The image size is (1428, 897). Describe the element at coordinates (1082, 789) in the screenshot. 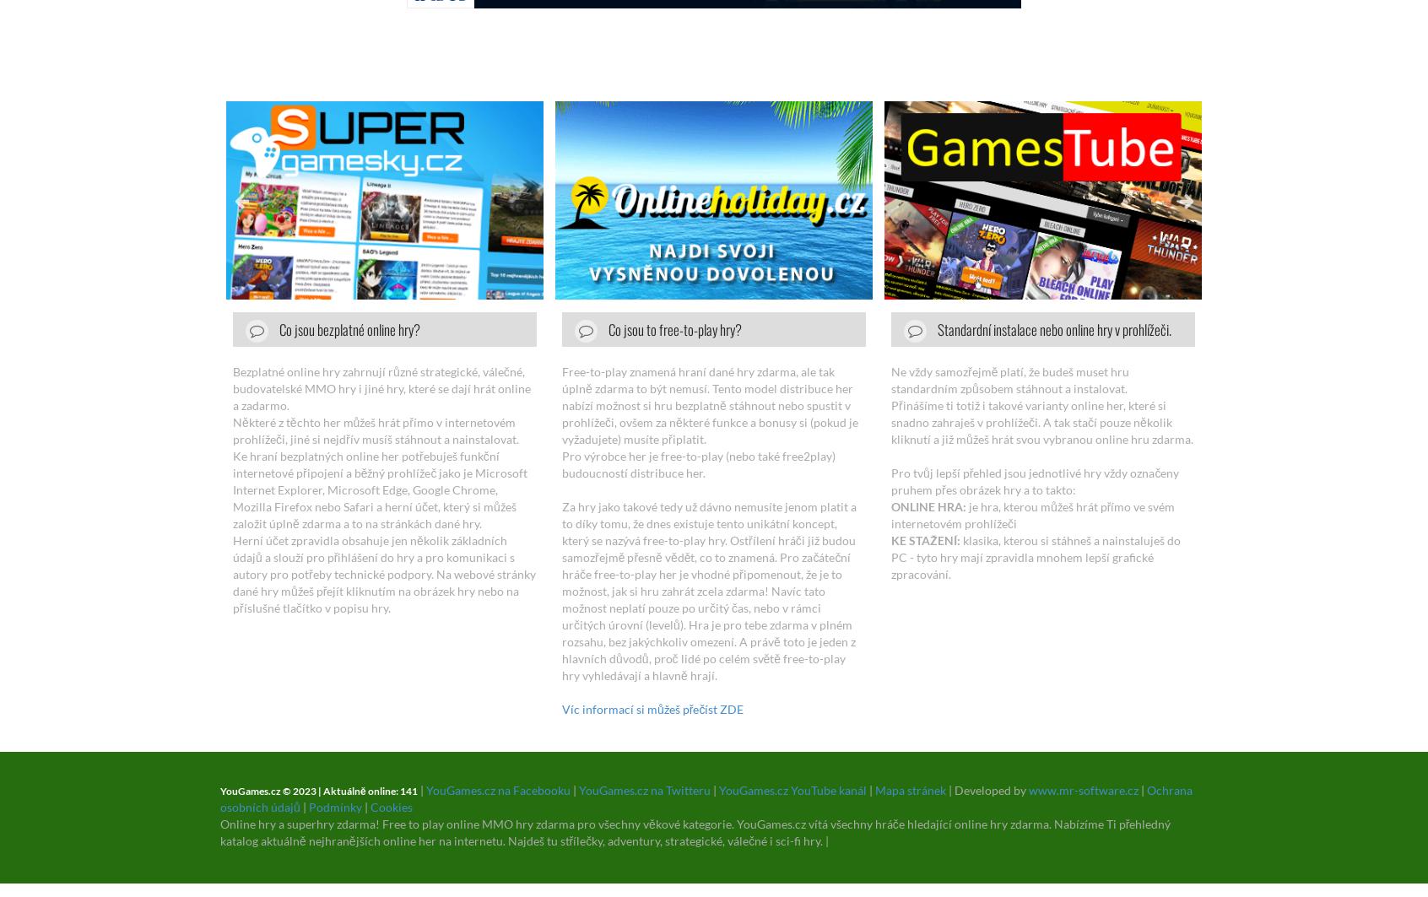

I see `'www.mr-software.cz'` at that location.